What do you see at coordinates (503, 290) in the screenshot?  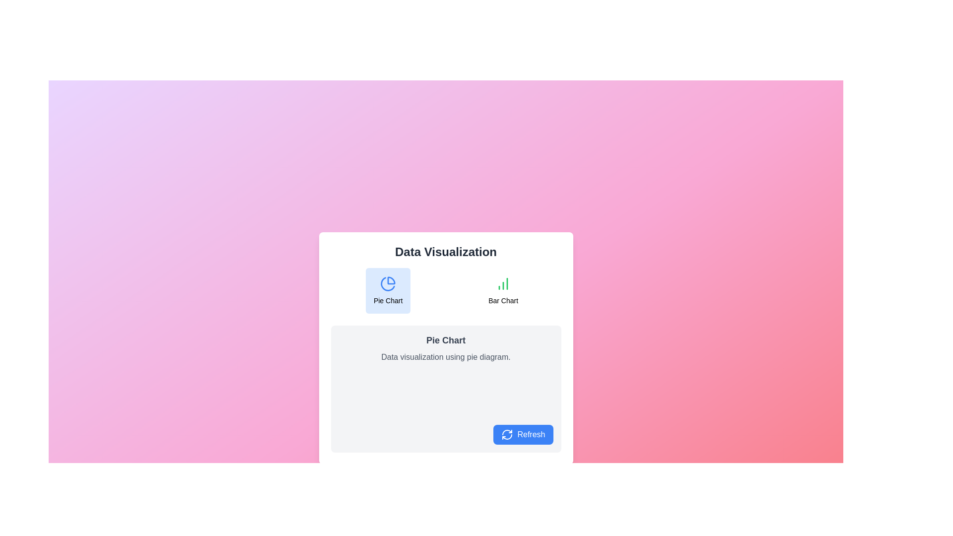 I see `the button` at bounding box center [503, 290].